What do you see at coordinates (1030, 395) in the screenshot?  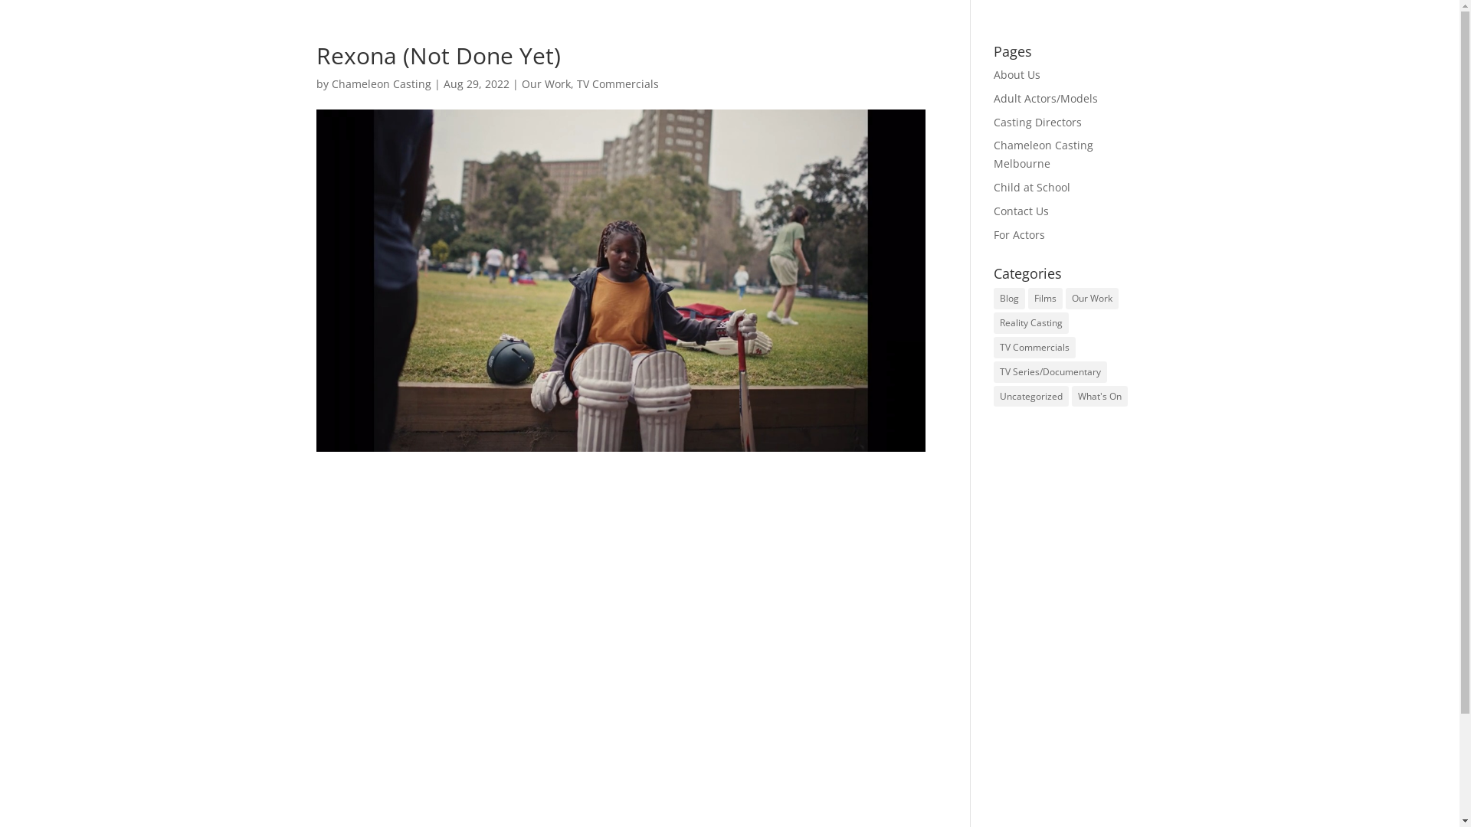 I see `'Uncategorized'` at bounding box center [1030, 395].